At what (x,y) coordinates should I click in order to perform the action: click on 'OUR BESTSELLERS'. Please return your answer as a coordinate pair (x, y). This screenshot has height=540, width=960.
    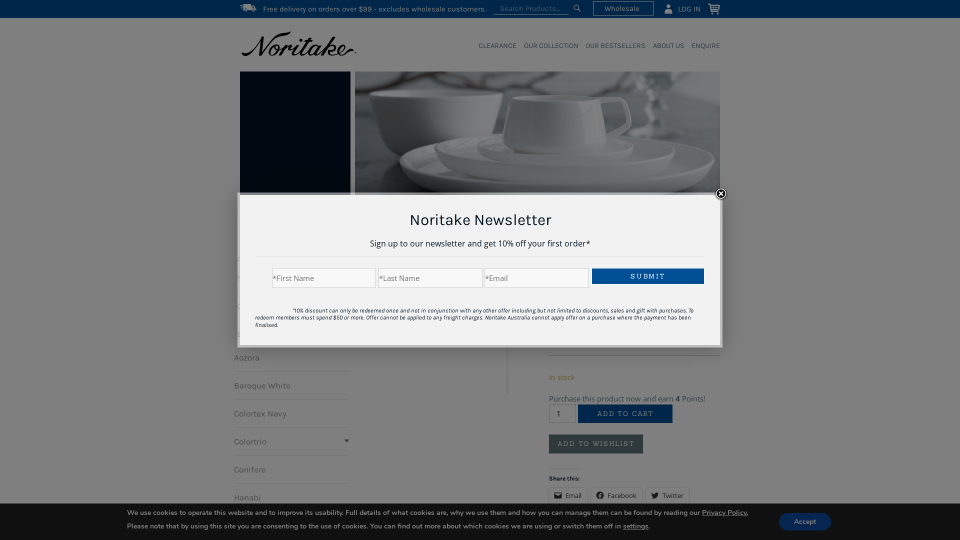
    Looking at the image, I should click on (611, 46).